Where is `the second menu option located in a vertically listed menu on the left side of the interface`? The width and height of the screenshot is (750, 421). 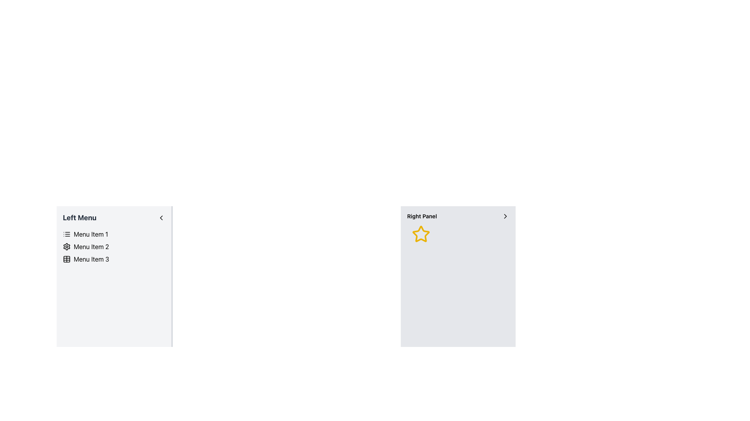
the second menu option located in a vertically listed menu on the left side of the interface is located at coordinates (91, 246).